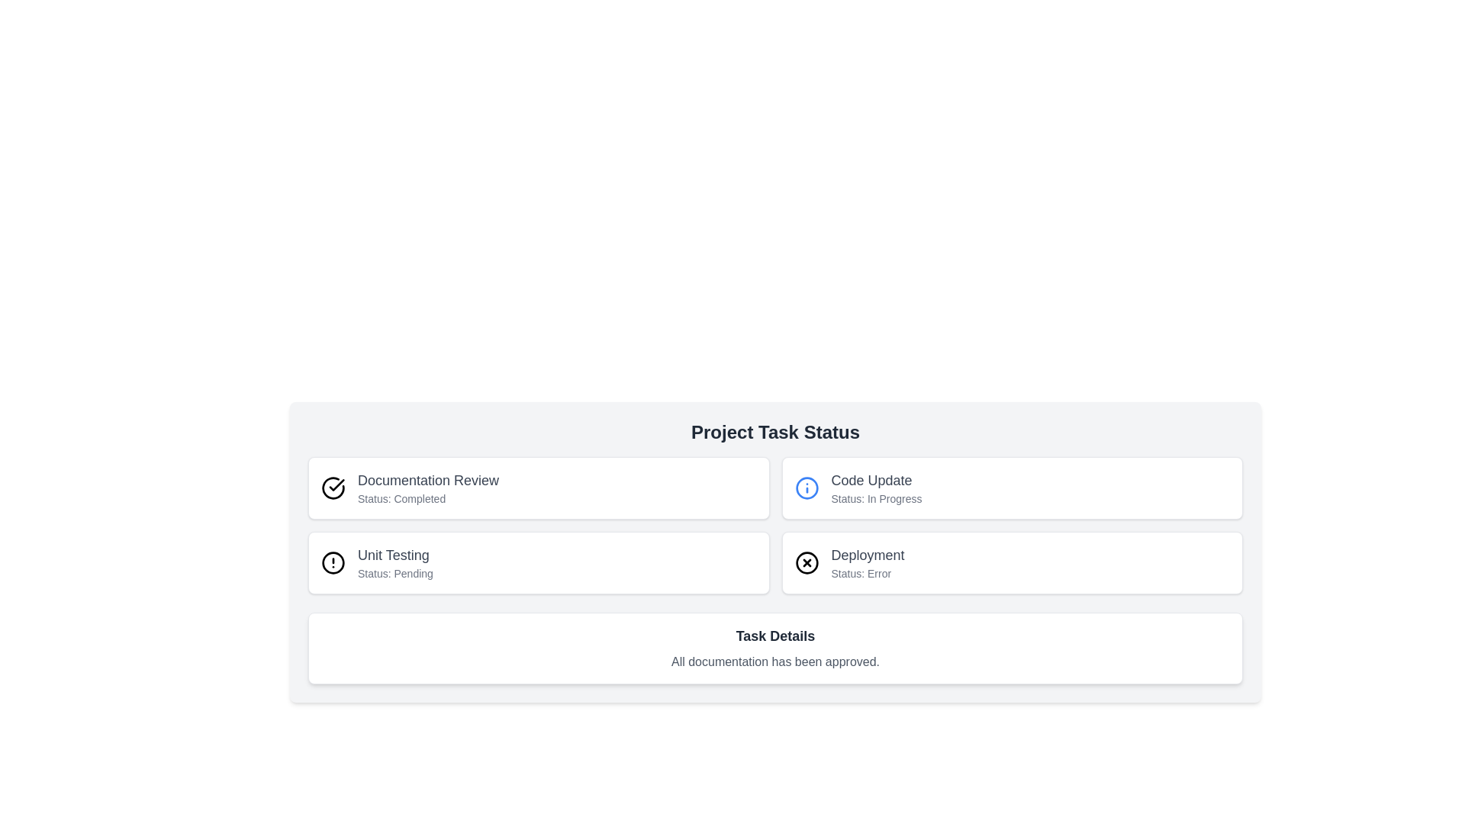 The width and height of the screenshot is (1465, 824). Describe the element at coordinates (868, 562) in the screenshot. I see `the Informational text component that indicates an error occurred in the deployment task, located in the bottom-right corner of the 'Project Task Status' section beneath the 'Code Update' row` at that location.